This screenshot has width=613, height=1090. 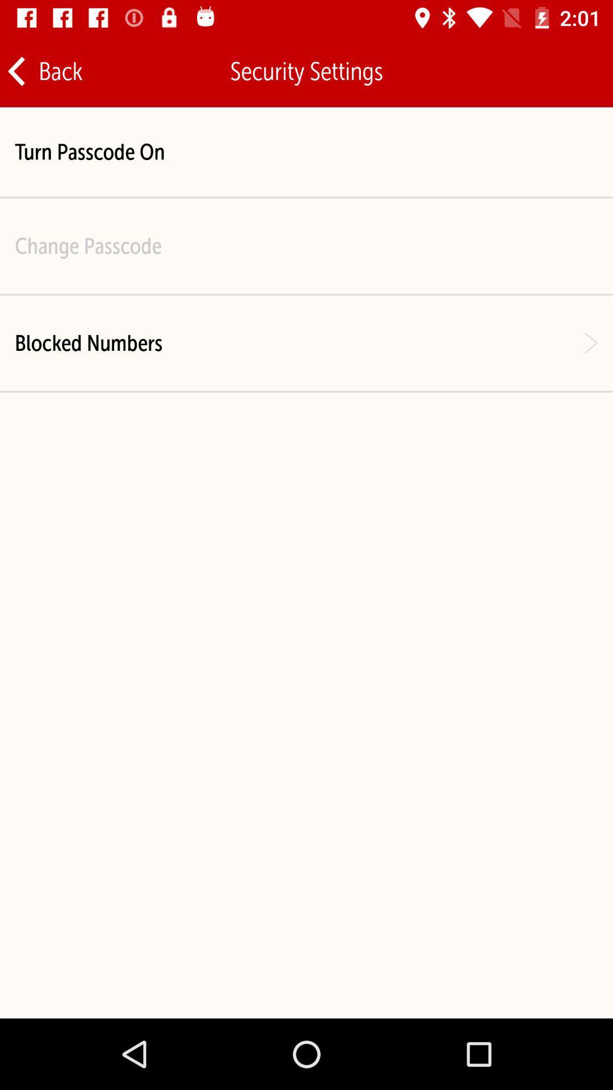 What do you see at coordinates (89, 151) in the screenshot?
I see `item below the back item` at bounding box center [89, 151].